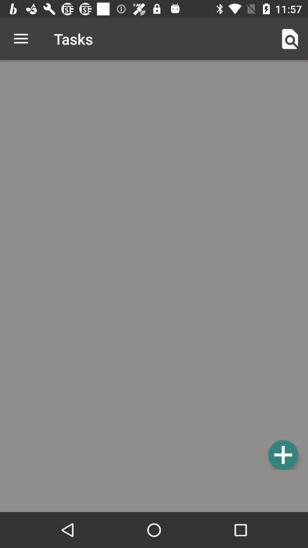  I want to click on the icon to the left of the tasks, so click(21, 39).